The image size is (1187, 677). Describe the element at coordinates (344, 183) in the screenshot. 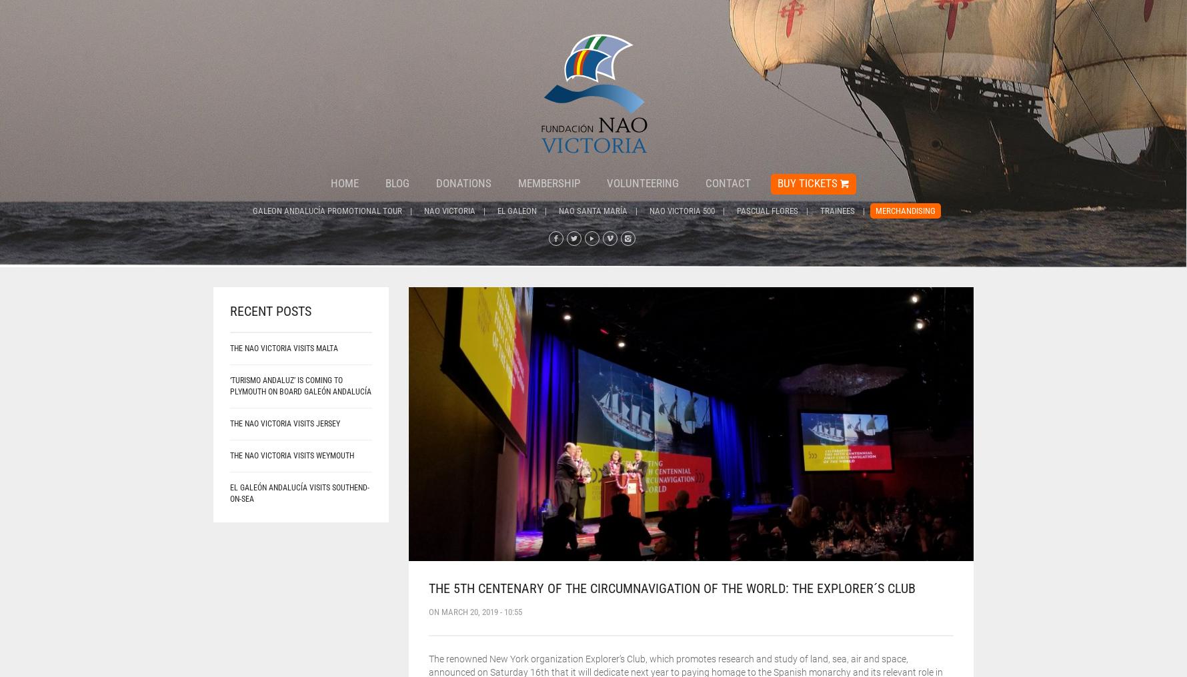

I see `'Home'` at that location.